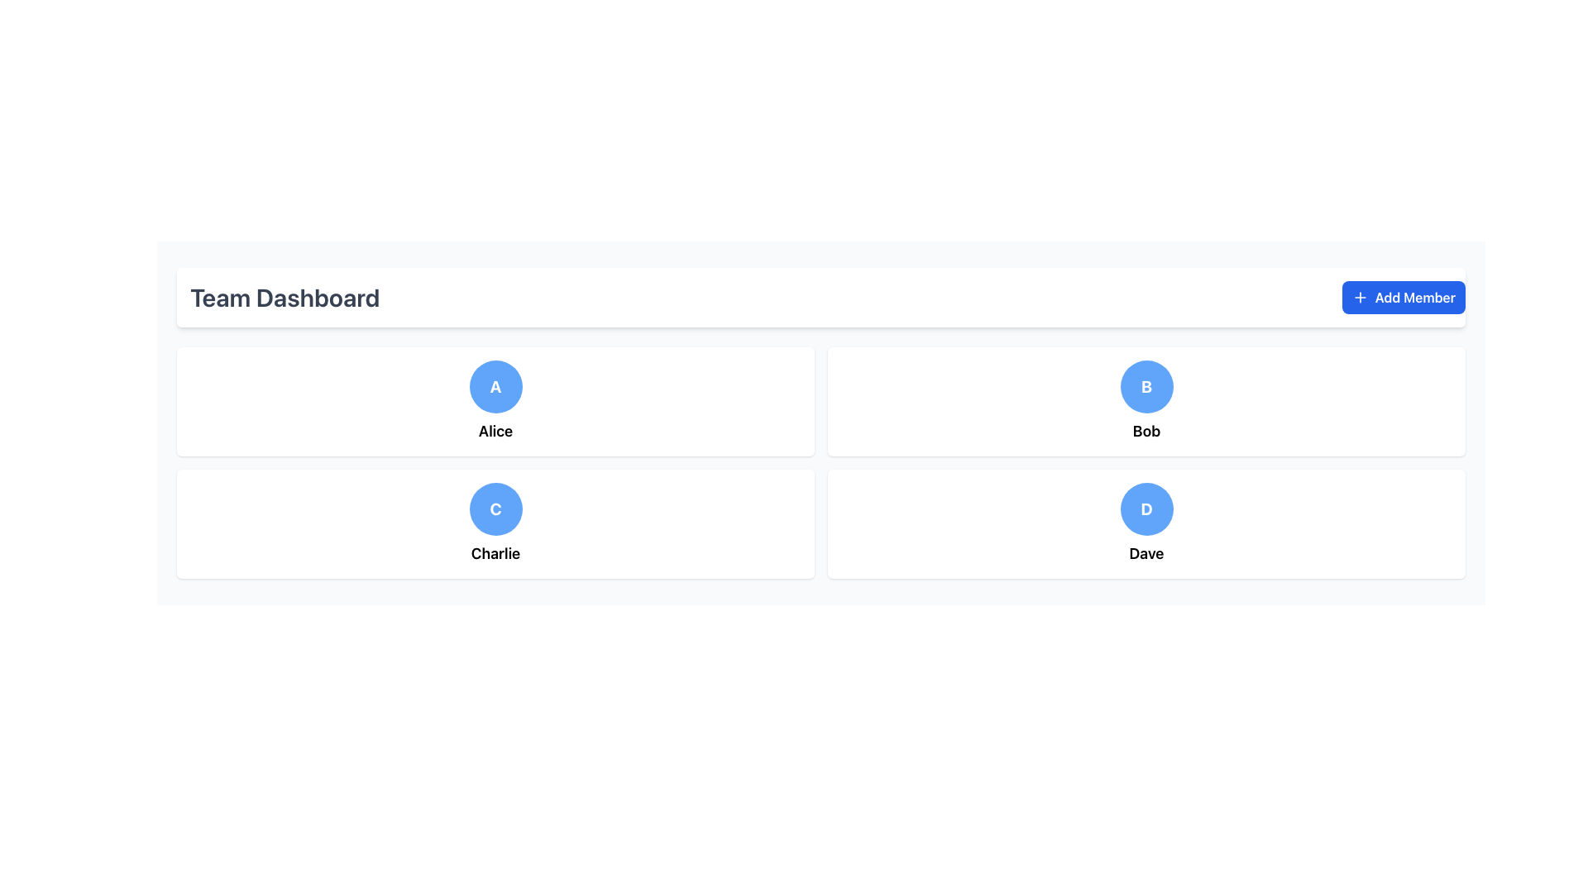  Describe the element at coordinates (1146, 402) in the screenshot. I see `the second card in the grid layout, which has a blue circle containing the letter 'B' and the name 'Bob' below it` at that location.